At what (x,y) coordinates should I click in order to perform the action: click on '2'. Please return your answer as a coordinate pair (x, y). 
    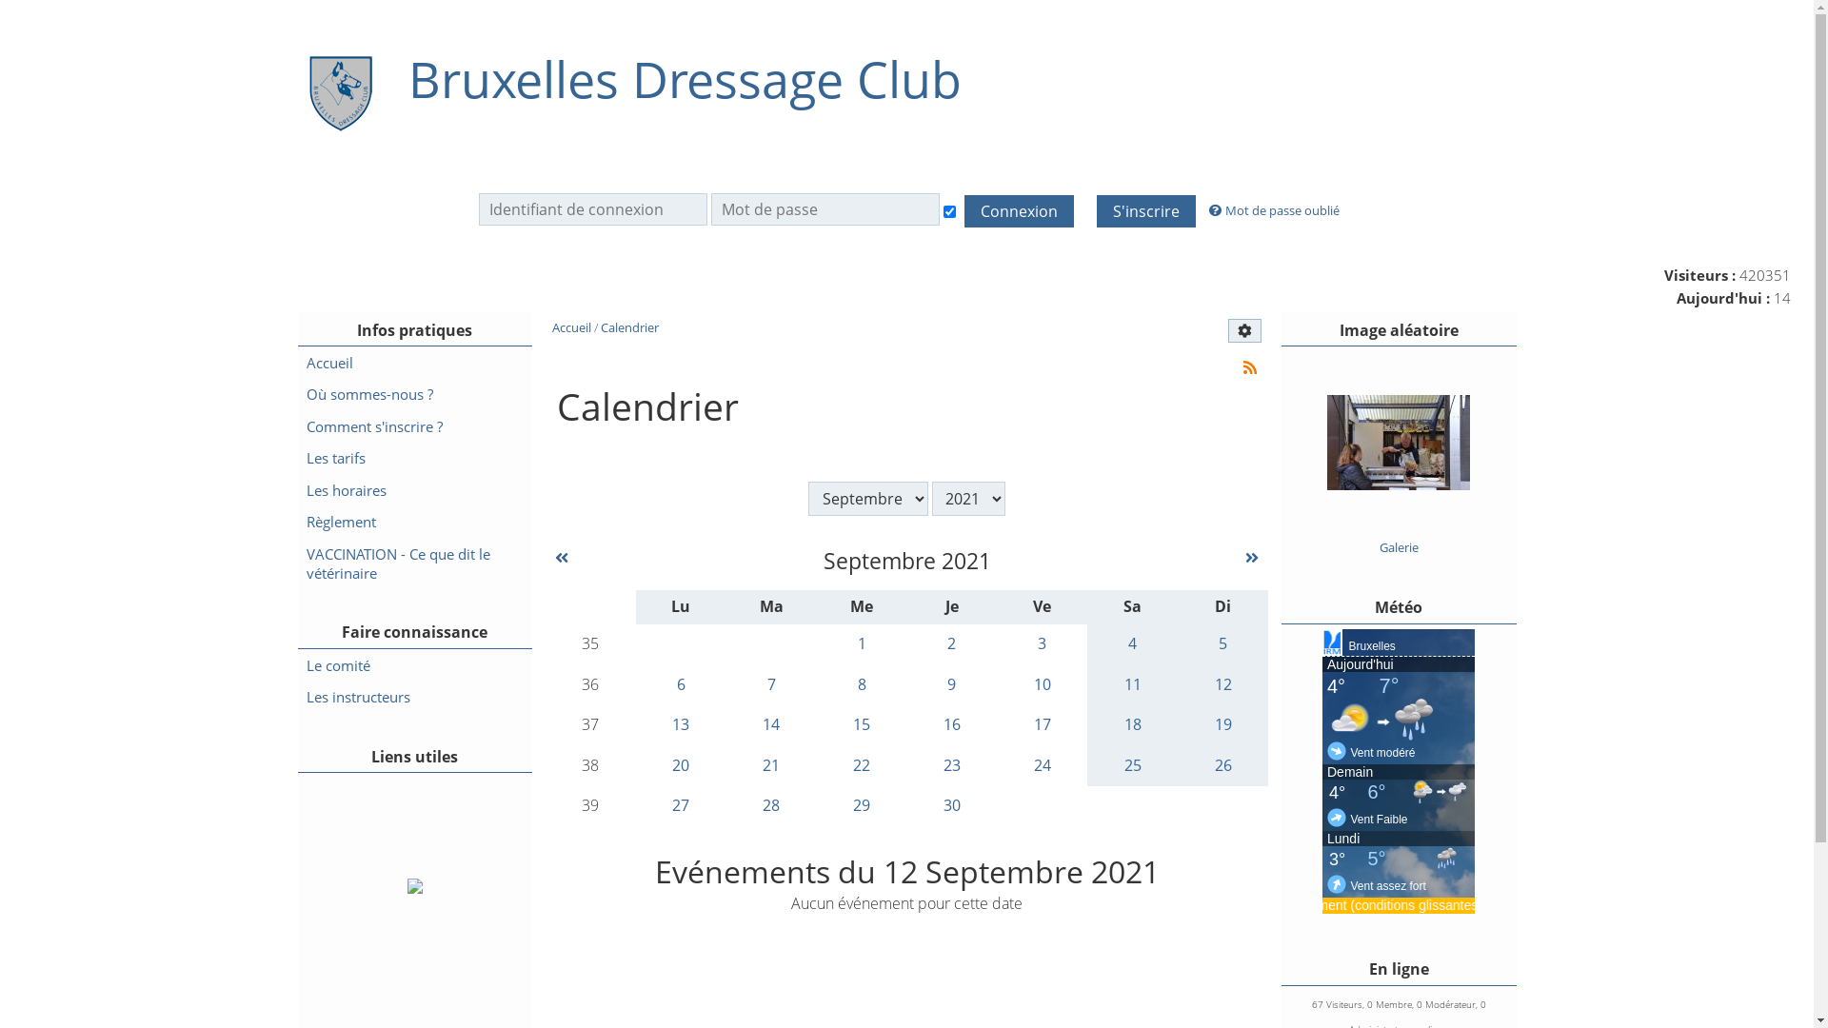
    Looking at the image, I should click on (951, 643).